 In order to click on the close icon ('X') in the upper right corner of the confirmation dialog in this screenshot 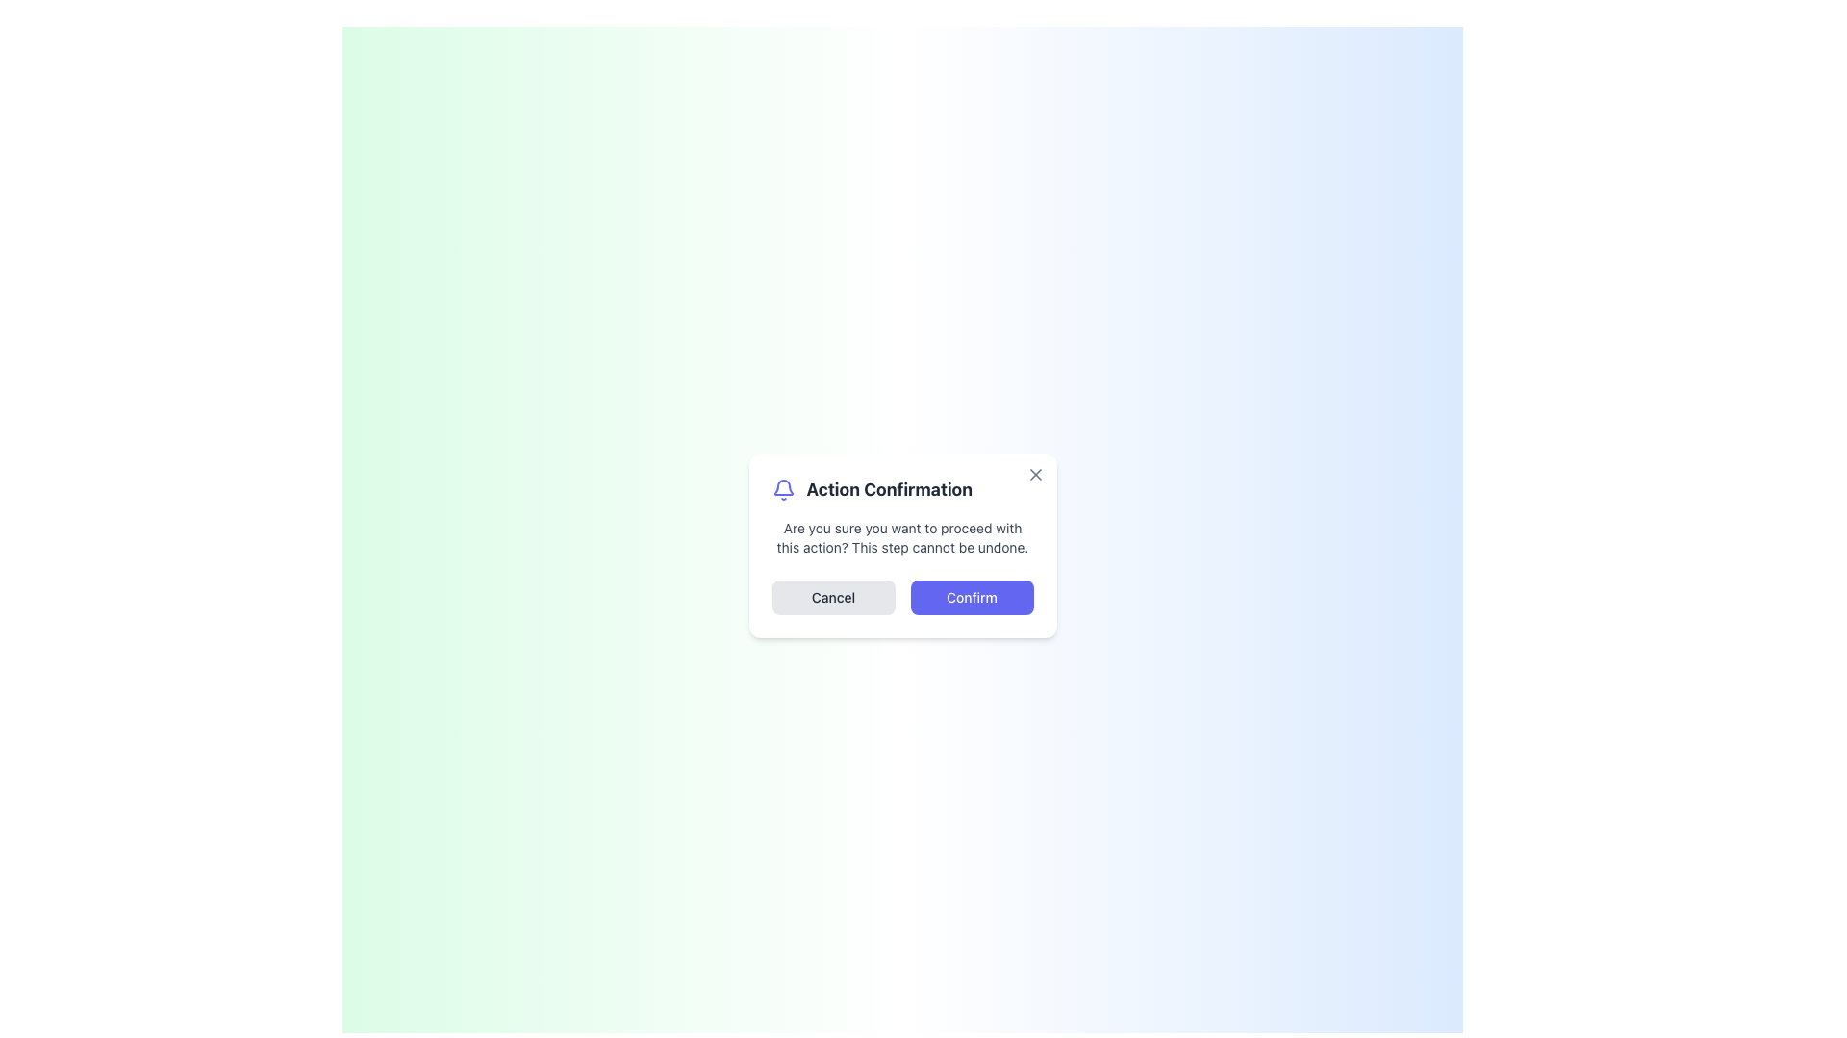, I will do `click(1034, 474)`.